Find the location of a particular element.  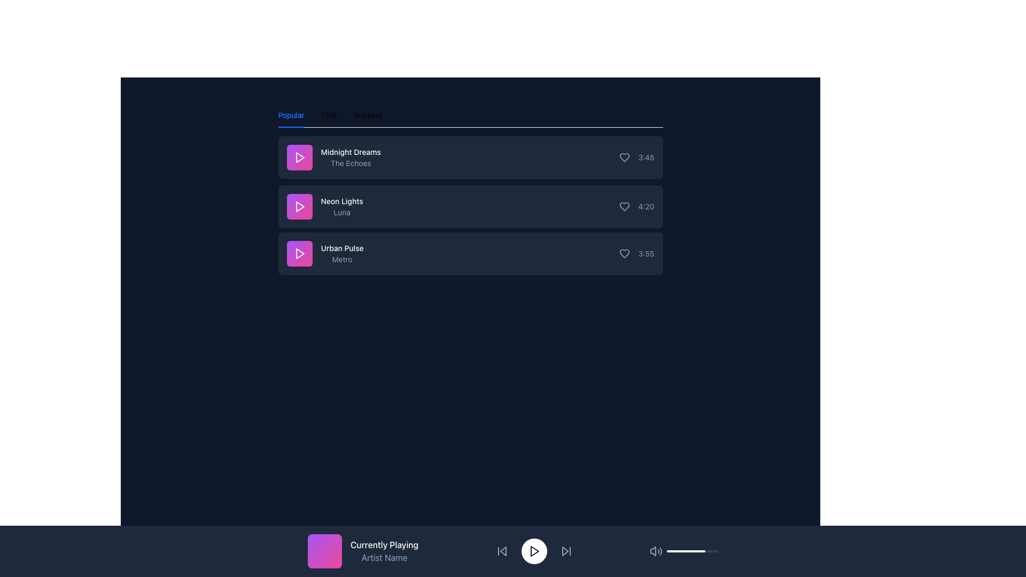

the third tab in the horizontal tab list that filters or displays content associated with 'Workout' is located at coordinates (368, 115).